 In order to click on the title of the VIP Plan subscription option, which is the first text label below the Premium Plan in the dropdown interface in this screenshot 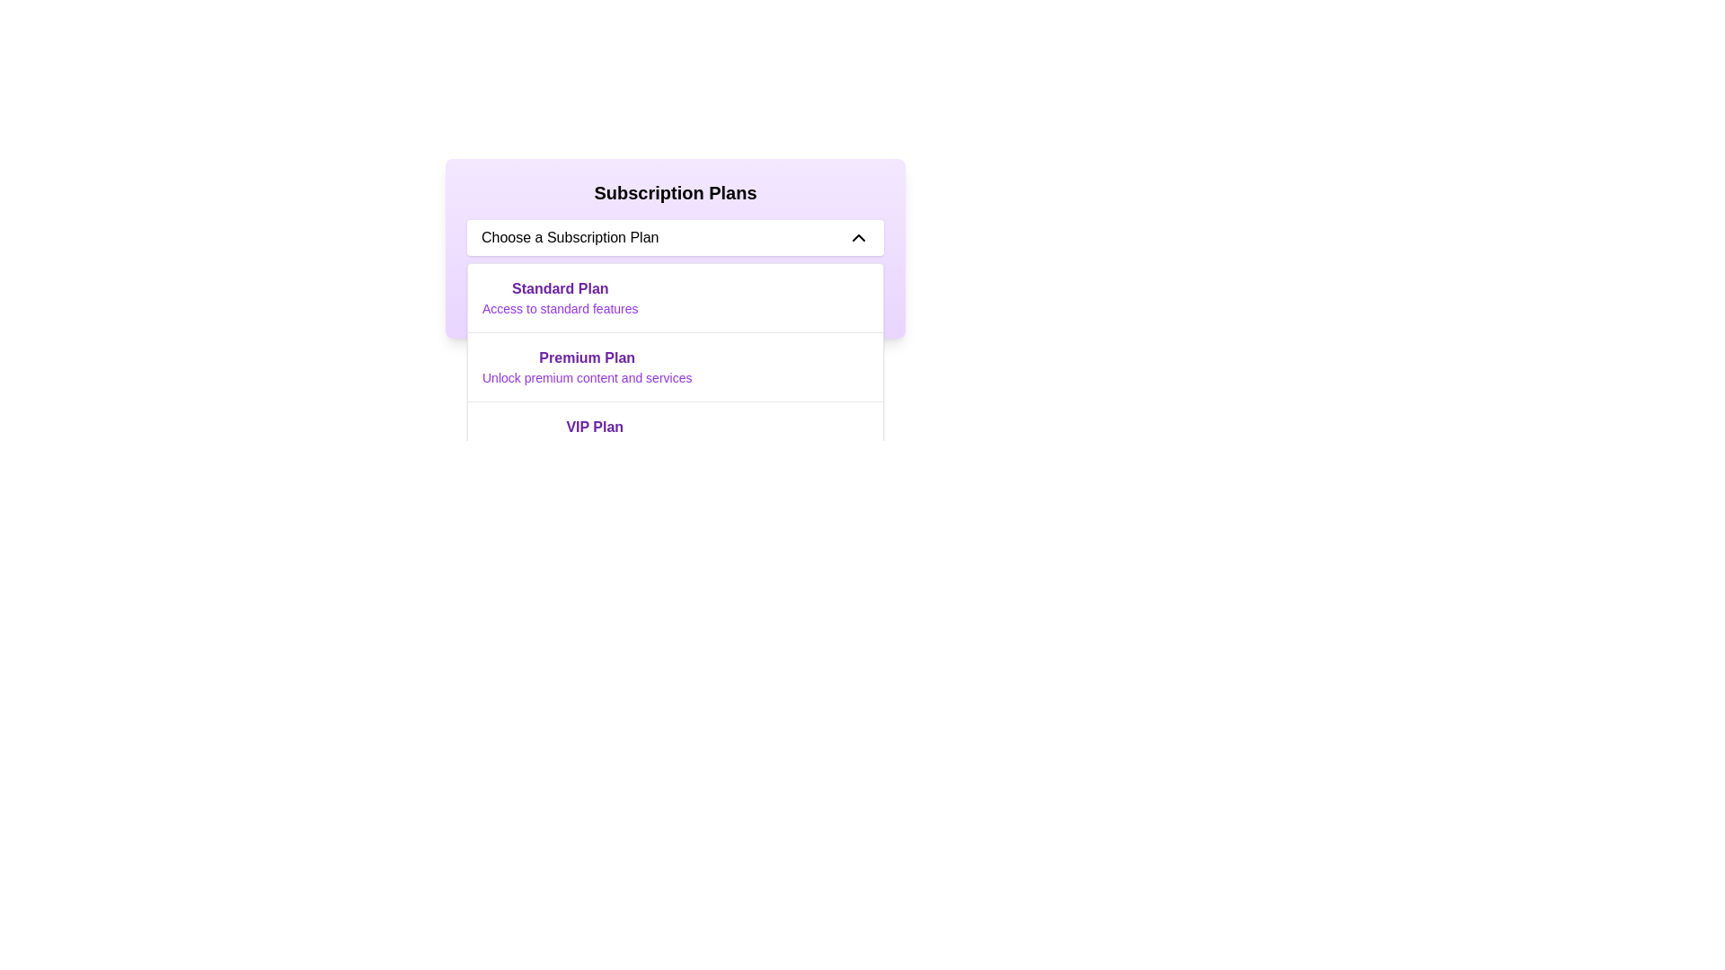, I will do `click(595, 427)`.